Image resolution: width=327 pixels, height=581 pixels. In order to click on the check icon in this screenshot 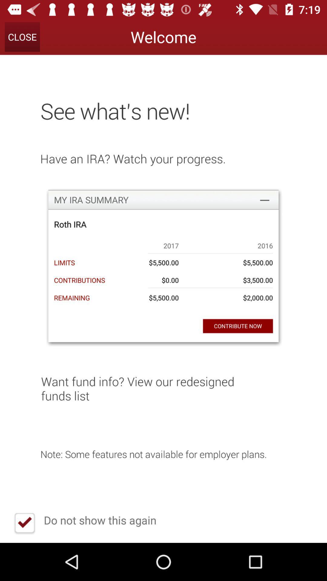, I will do `click(24, 524)`.